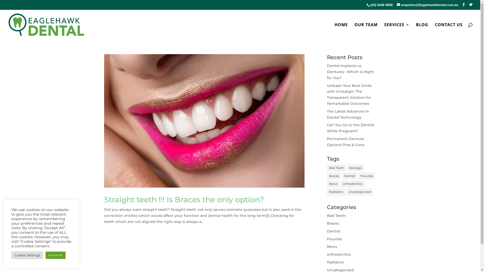 This screenshot has height=272, width=484. Describe the element at coordinates (336, 168) in the screenshot. I see `'Bad Teeth'` at that location.